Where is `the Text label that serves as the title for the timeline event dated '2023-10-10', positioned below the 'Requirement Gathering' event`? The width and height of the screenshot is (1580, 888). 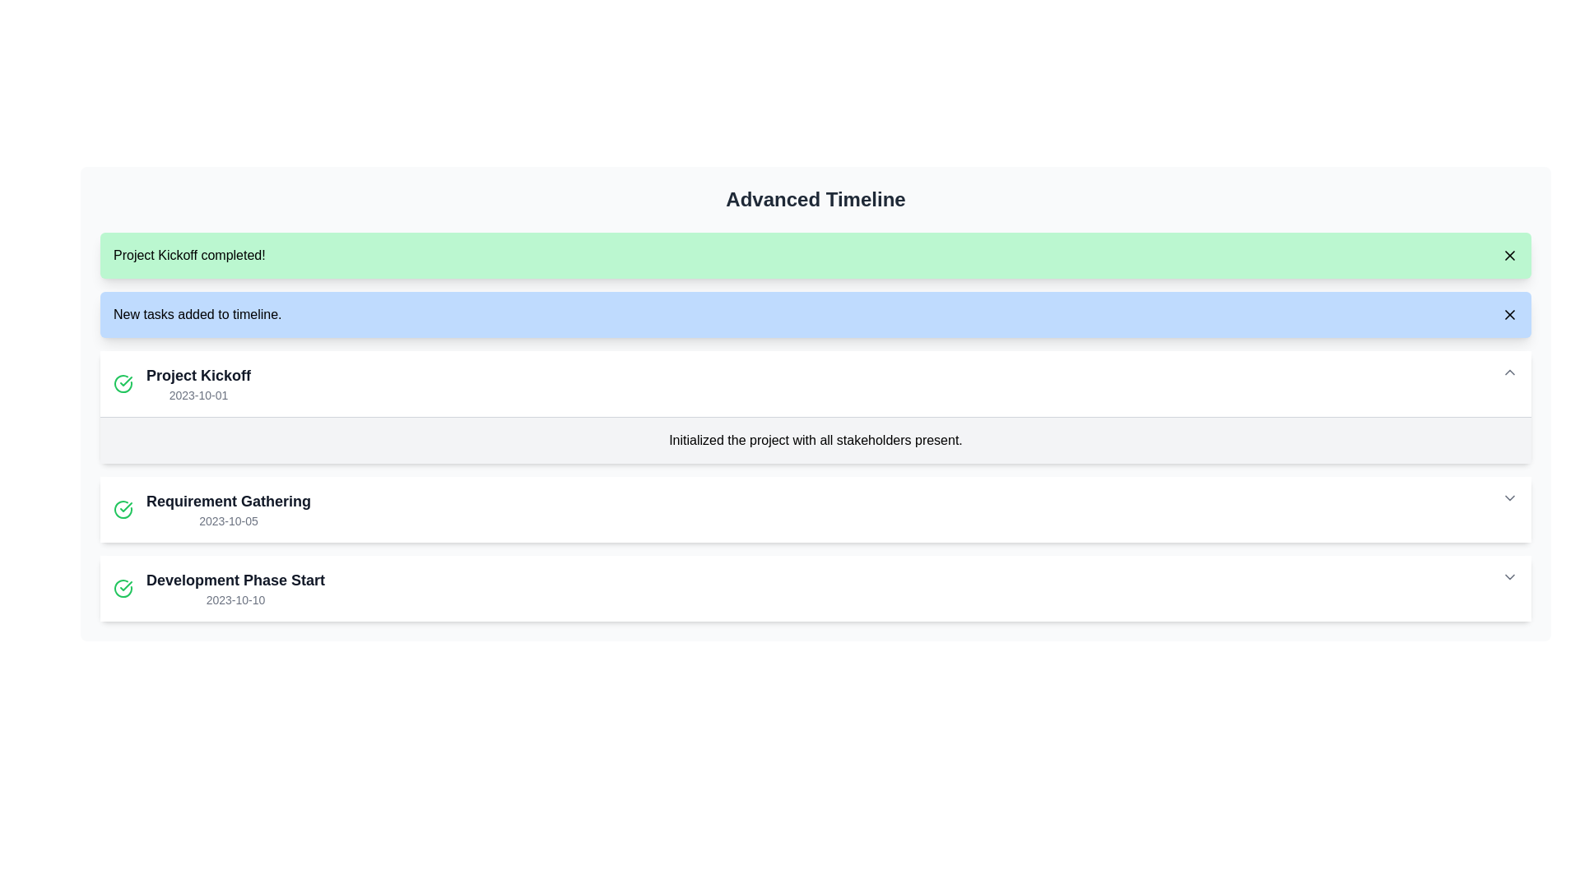 the Text label that serves as the title for the timeline event dated '2023-10-10', positioned below the 'Requirement Gathering' event is located at coordinates (235, 579).